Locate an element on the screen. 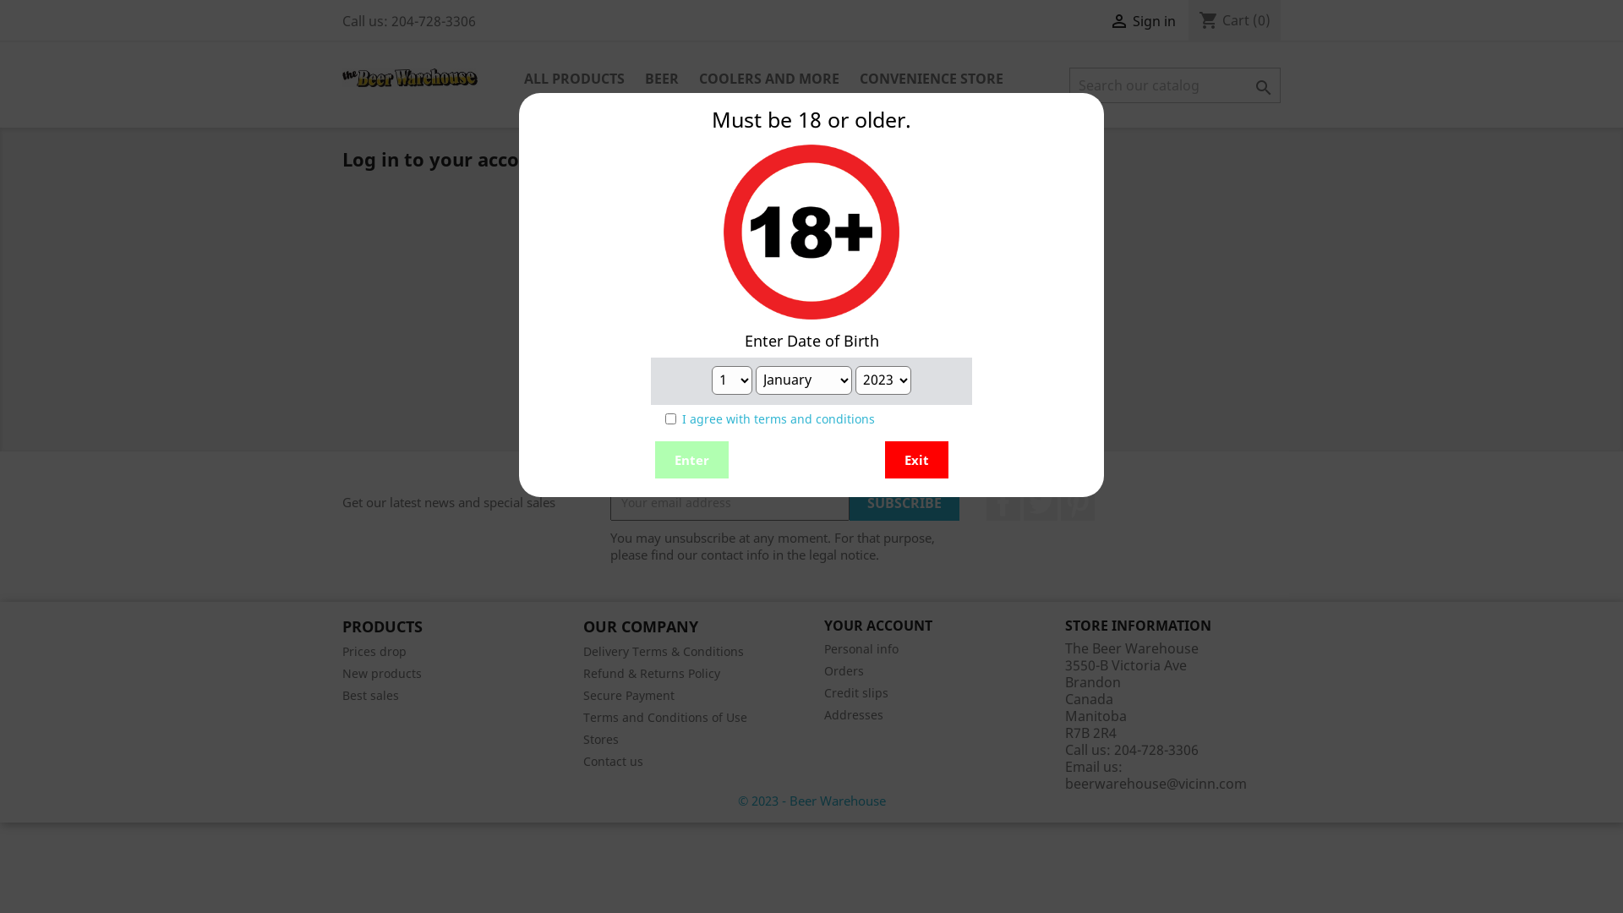  'Refund & Returns Policy' is located at coordinates (583, 672).